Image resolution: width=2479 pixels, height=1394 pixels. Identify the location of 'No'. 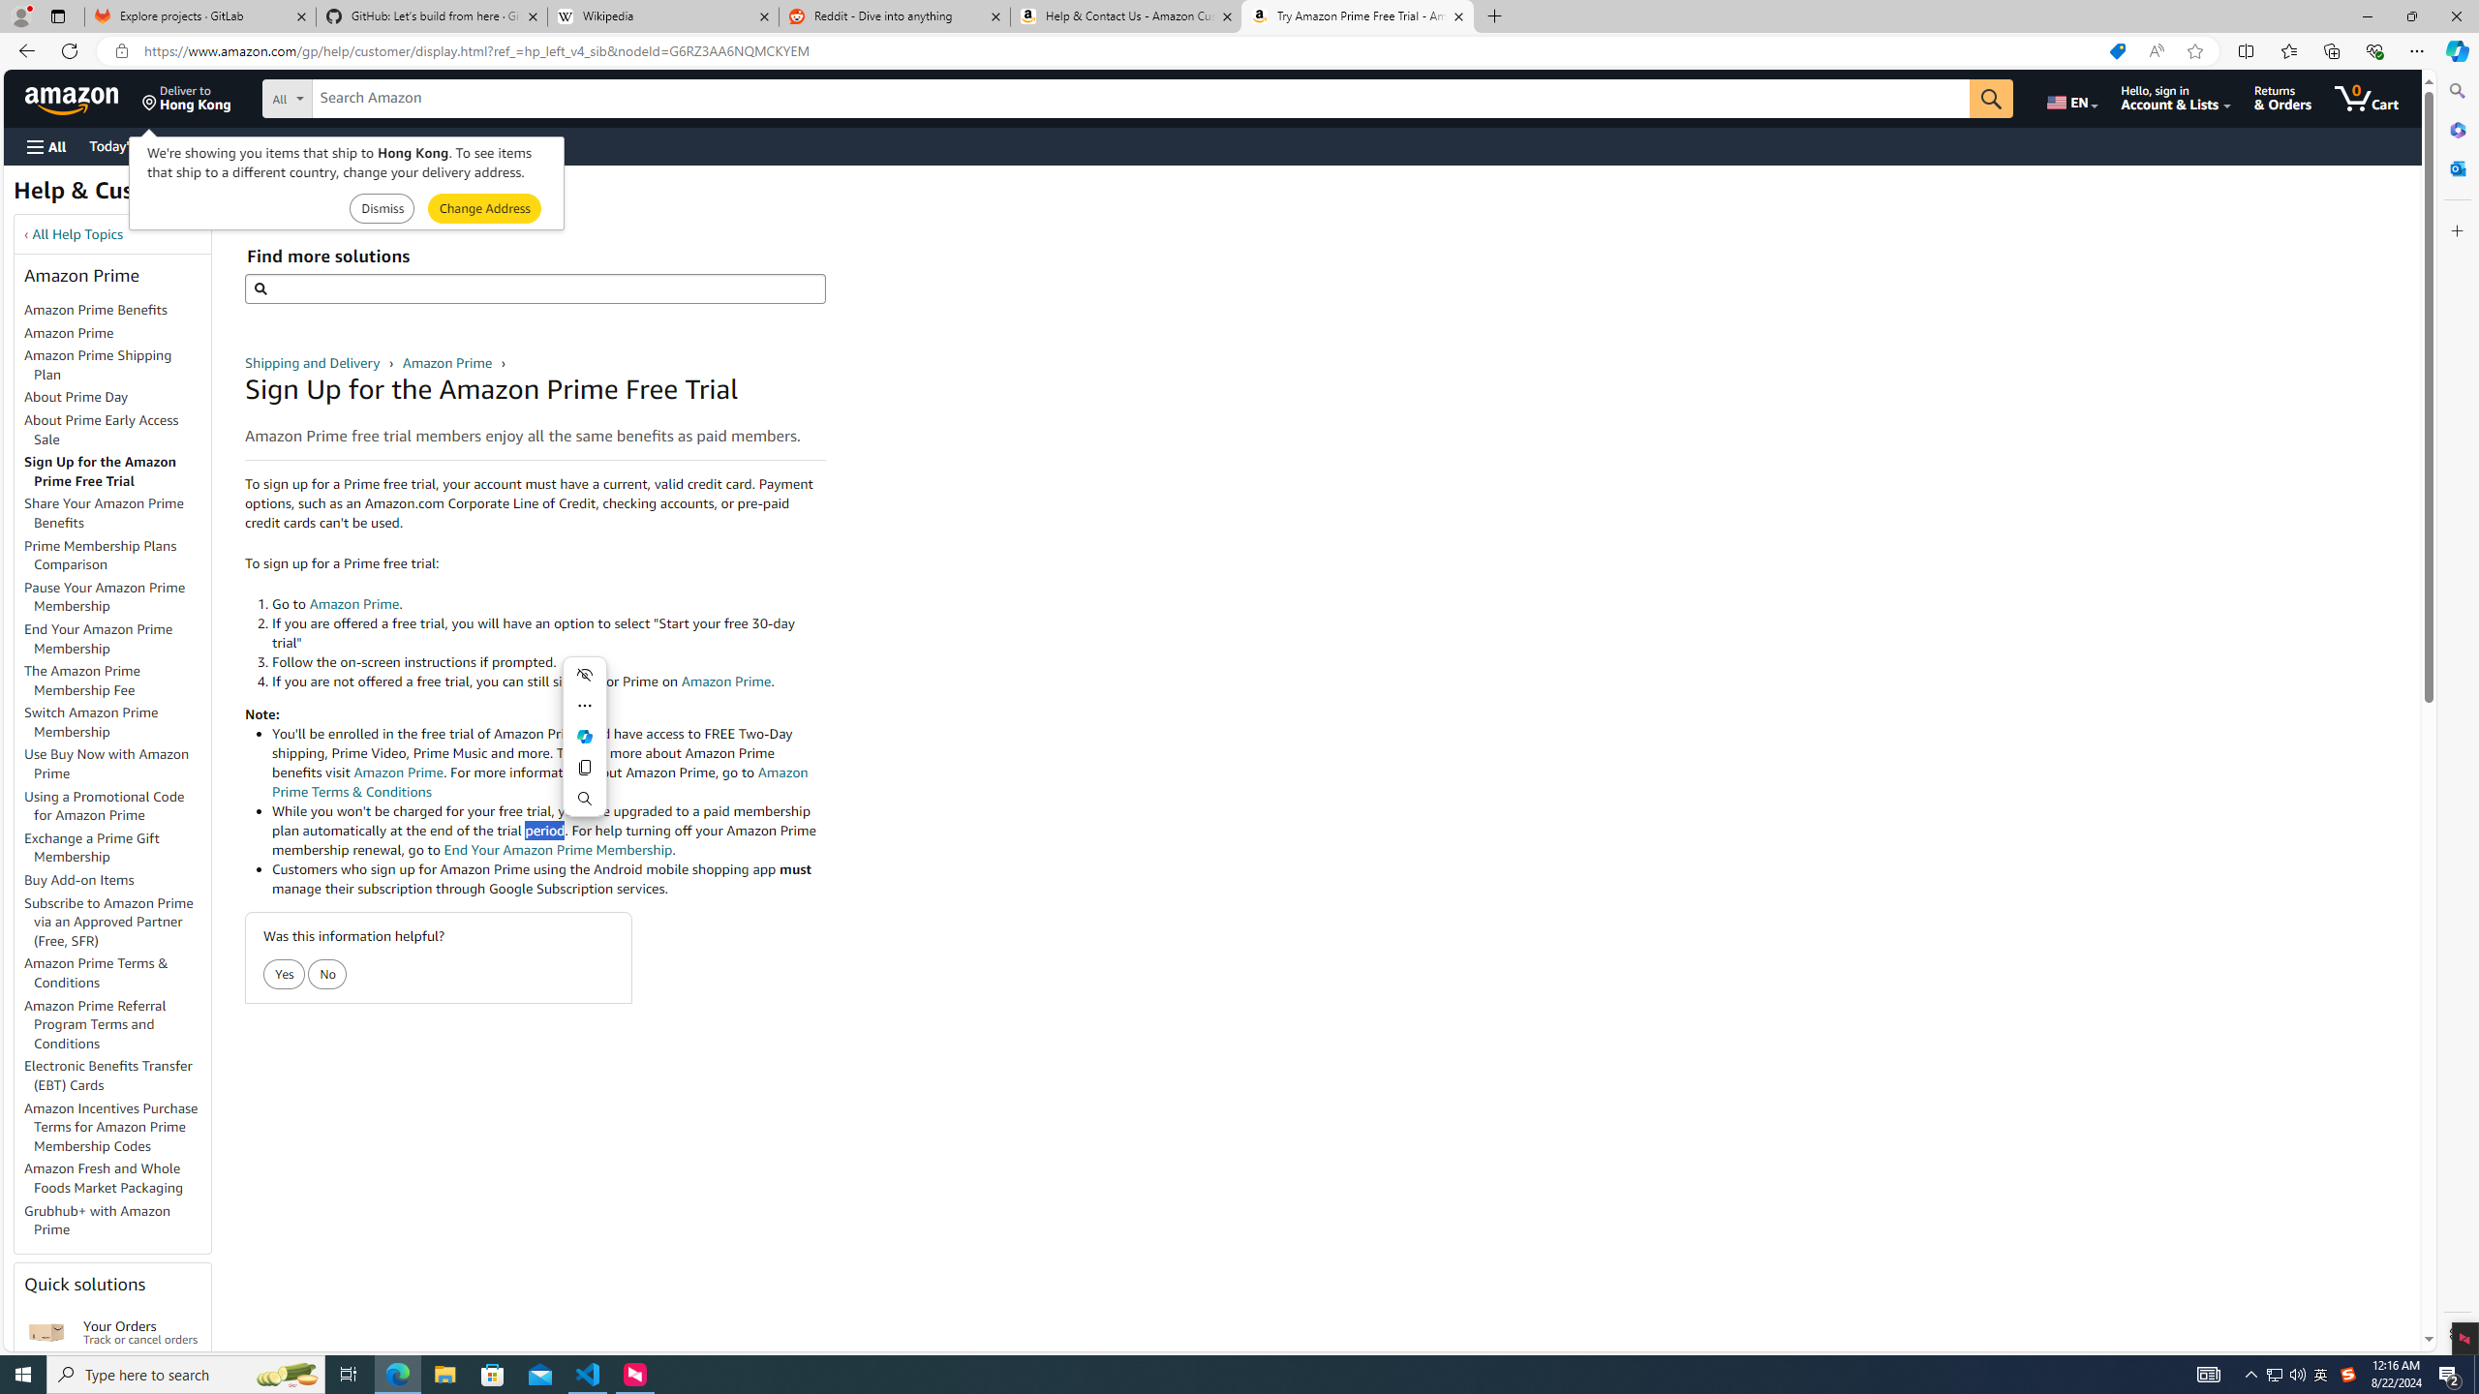
(327, 975).